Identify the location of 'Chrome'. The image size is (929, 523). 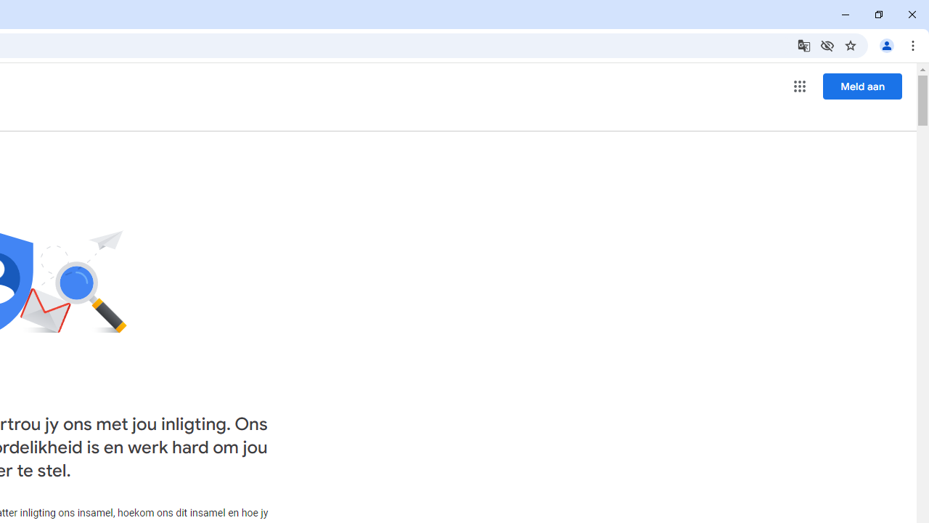
(914, 44).